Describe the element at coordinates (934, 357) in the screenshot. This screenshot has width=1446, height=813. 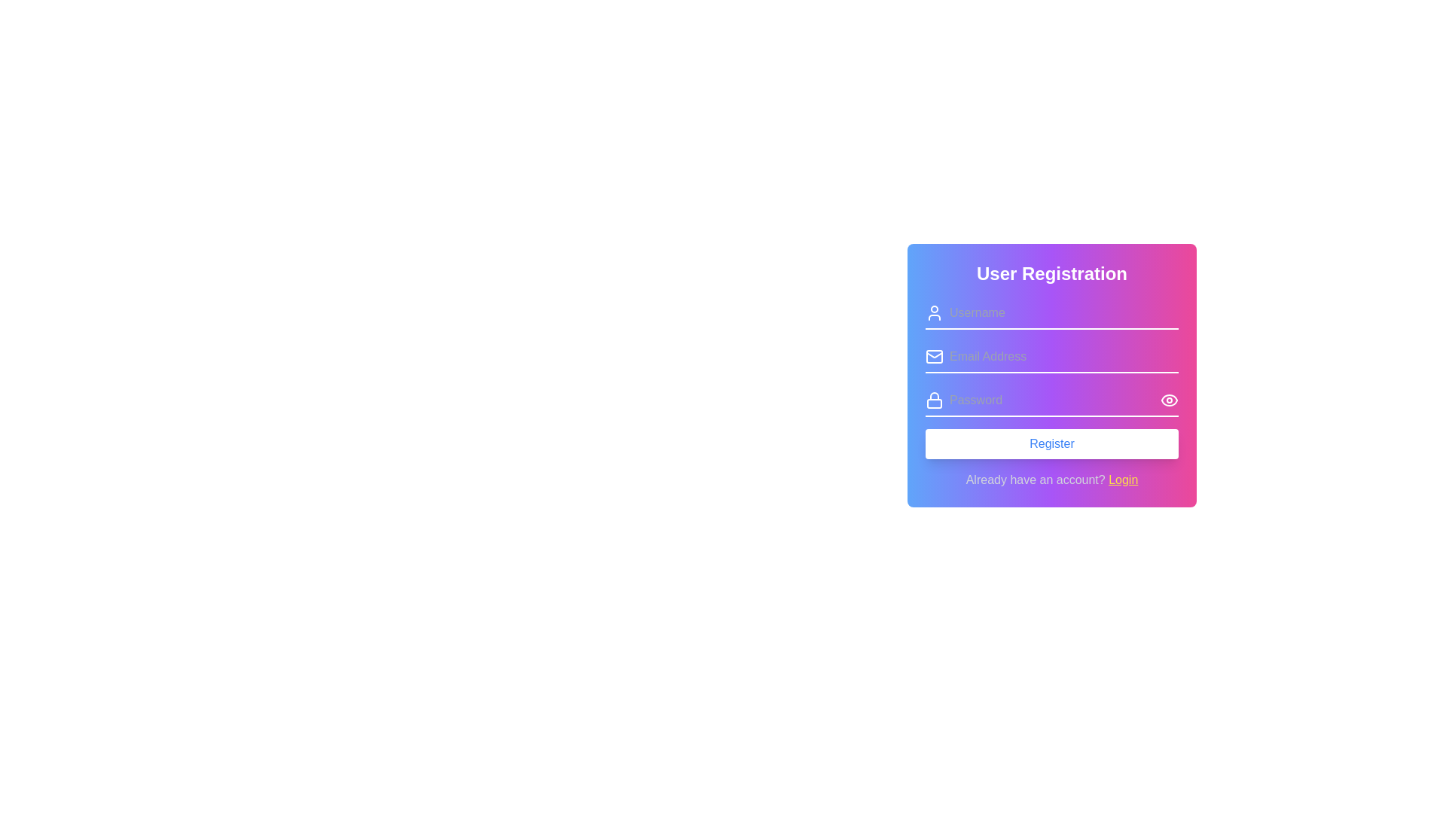
I see `the envelope icon located to the left of the 'Email Address' input field in the user registration form` at that location.